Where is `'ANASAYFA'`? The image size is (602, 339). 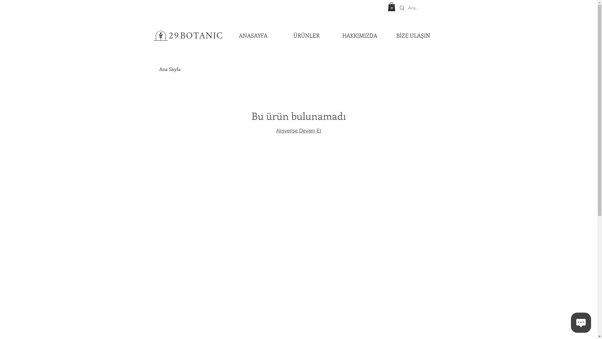
'ANASAYFA' is located at coordinates (253, 35).